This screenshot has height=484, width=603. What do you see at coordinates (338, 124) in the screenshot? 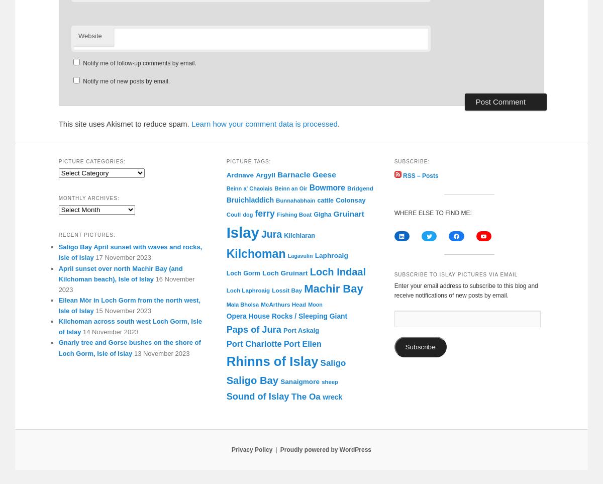
I see `'.'` at bounding box center [338, 124].